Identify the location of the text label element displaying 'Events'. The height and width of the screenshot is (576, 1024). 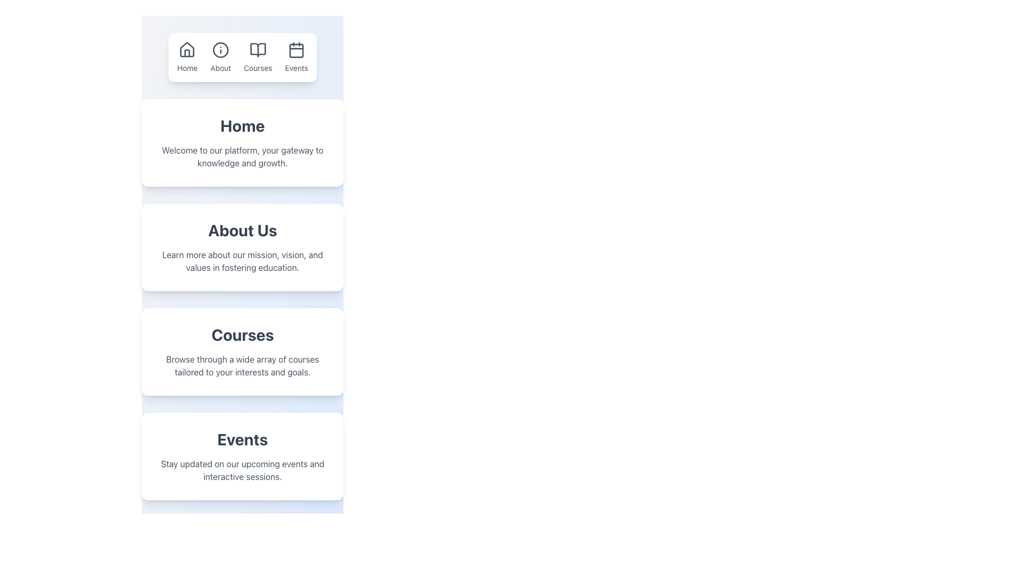
(242, 439).